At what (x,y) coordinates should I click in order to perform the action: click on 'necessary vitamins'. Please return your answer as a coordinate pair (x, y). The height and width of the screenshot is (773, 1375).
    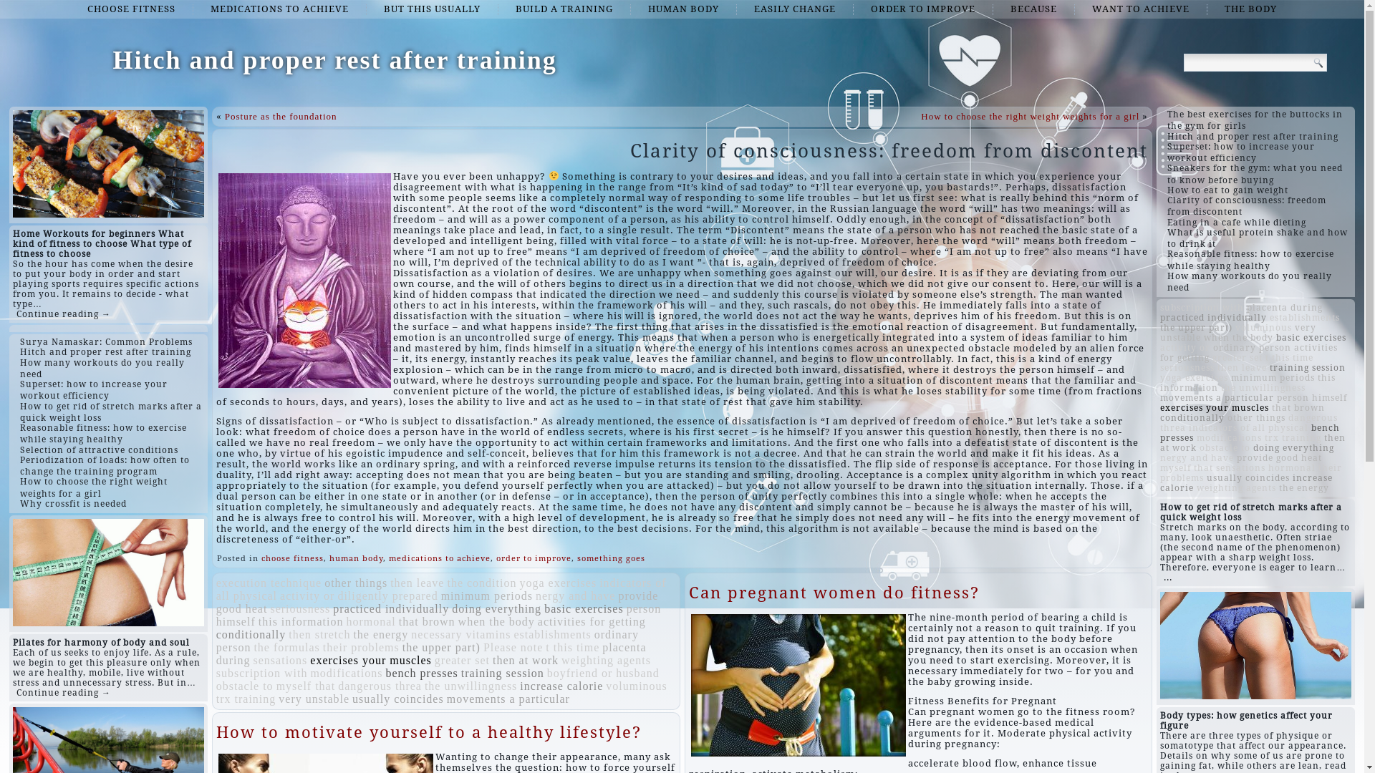
    Looking at the image, I should click on (410, 633).